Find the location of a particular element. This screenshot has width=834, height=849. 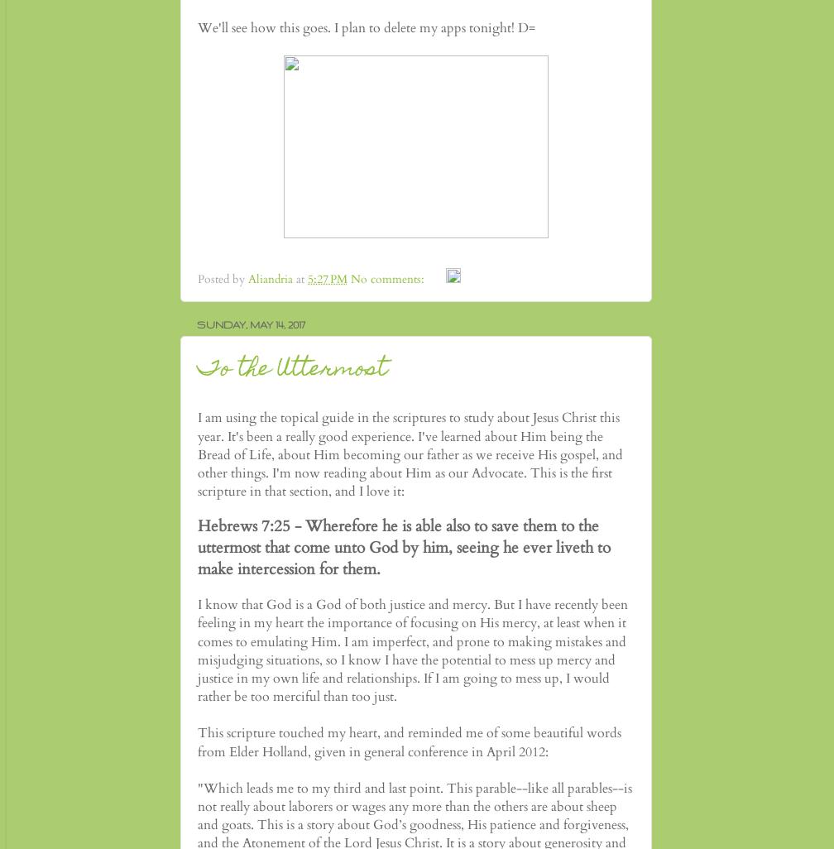

'No comments:' is located at coordinates (389, 278).